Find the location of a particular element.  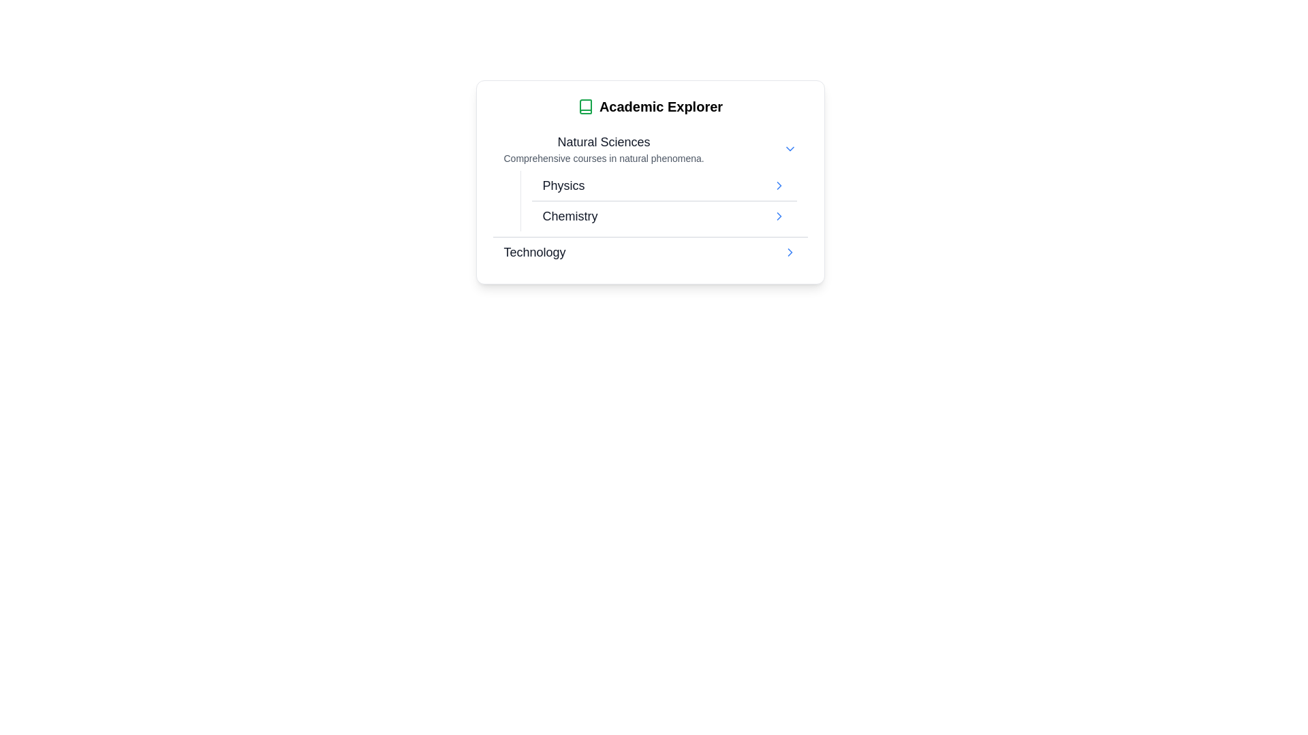

the chevron icon located to the far right of the 'Technology' text label is located at coordinates (790, 252).